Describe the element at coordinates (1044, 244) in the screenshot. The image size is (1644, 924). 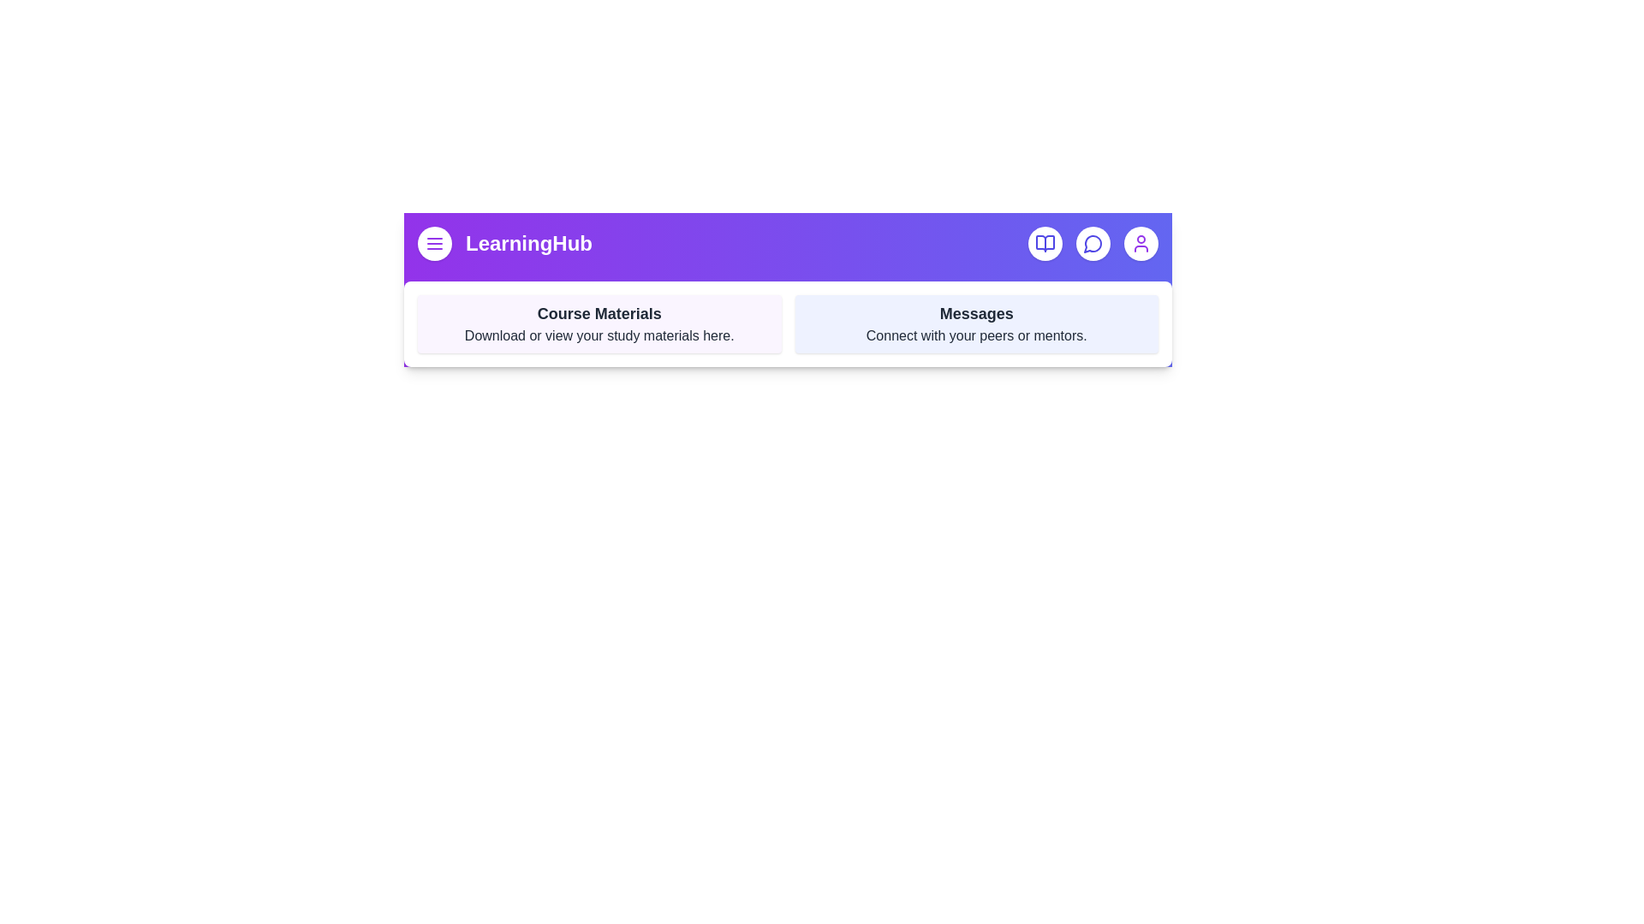
I see `the book icon to open the resources section` at that location.